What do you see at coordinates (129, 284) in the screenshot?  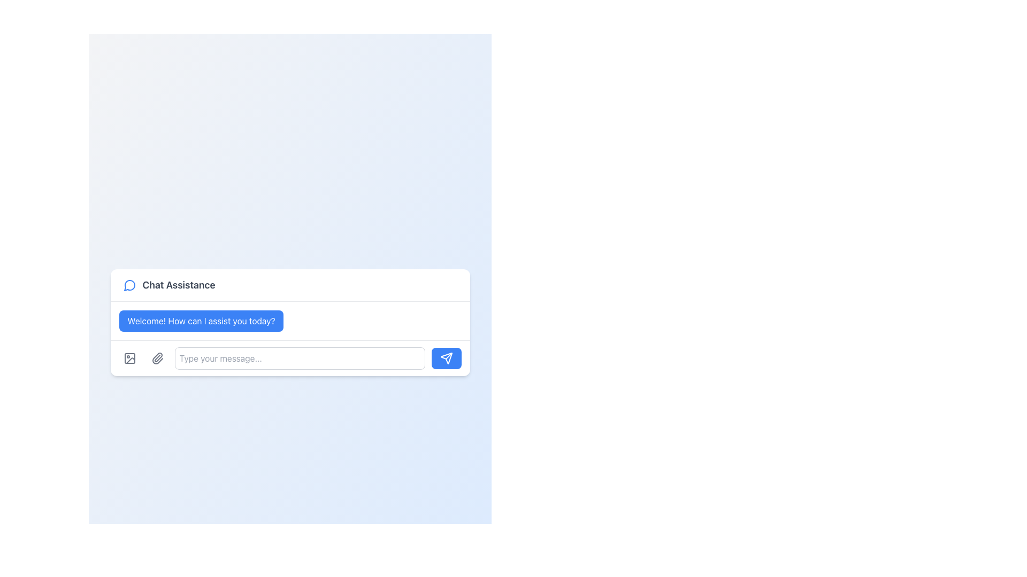 I see `the blue circular chat icon depicted as a speech bubble outline with a dot inside, located in the heading section to the left of 'Chat Assistance'` at bounding box center [129, 284].